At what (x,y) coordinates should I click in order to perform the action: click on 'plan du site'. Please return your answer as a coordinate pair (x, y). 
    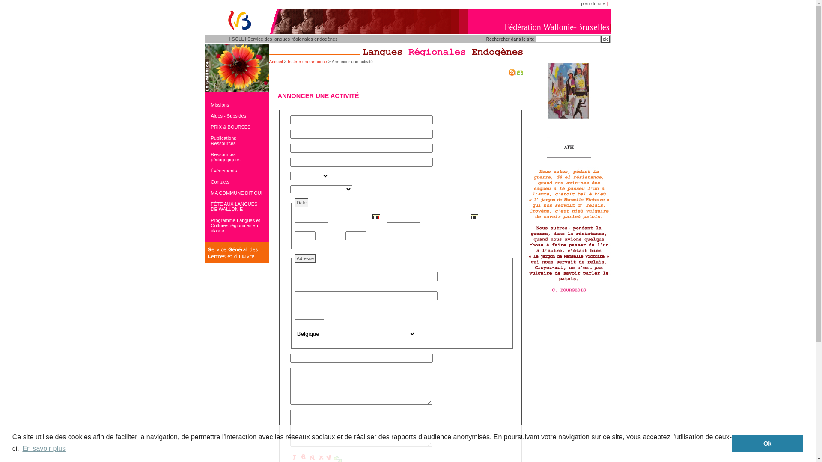
    Looking at the image, I should click on (581, 3).